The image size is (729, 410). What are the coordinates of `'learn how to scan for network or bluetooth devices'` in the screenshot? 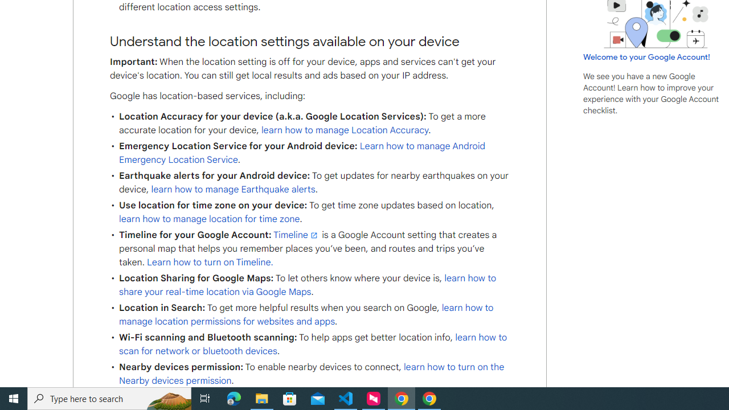 It's located at (313, 344).